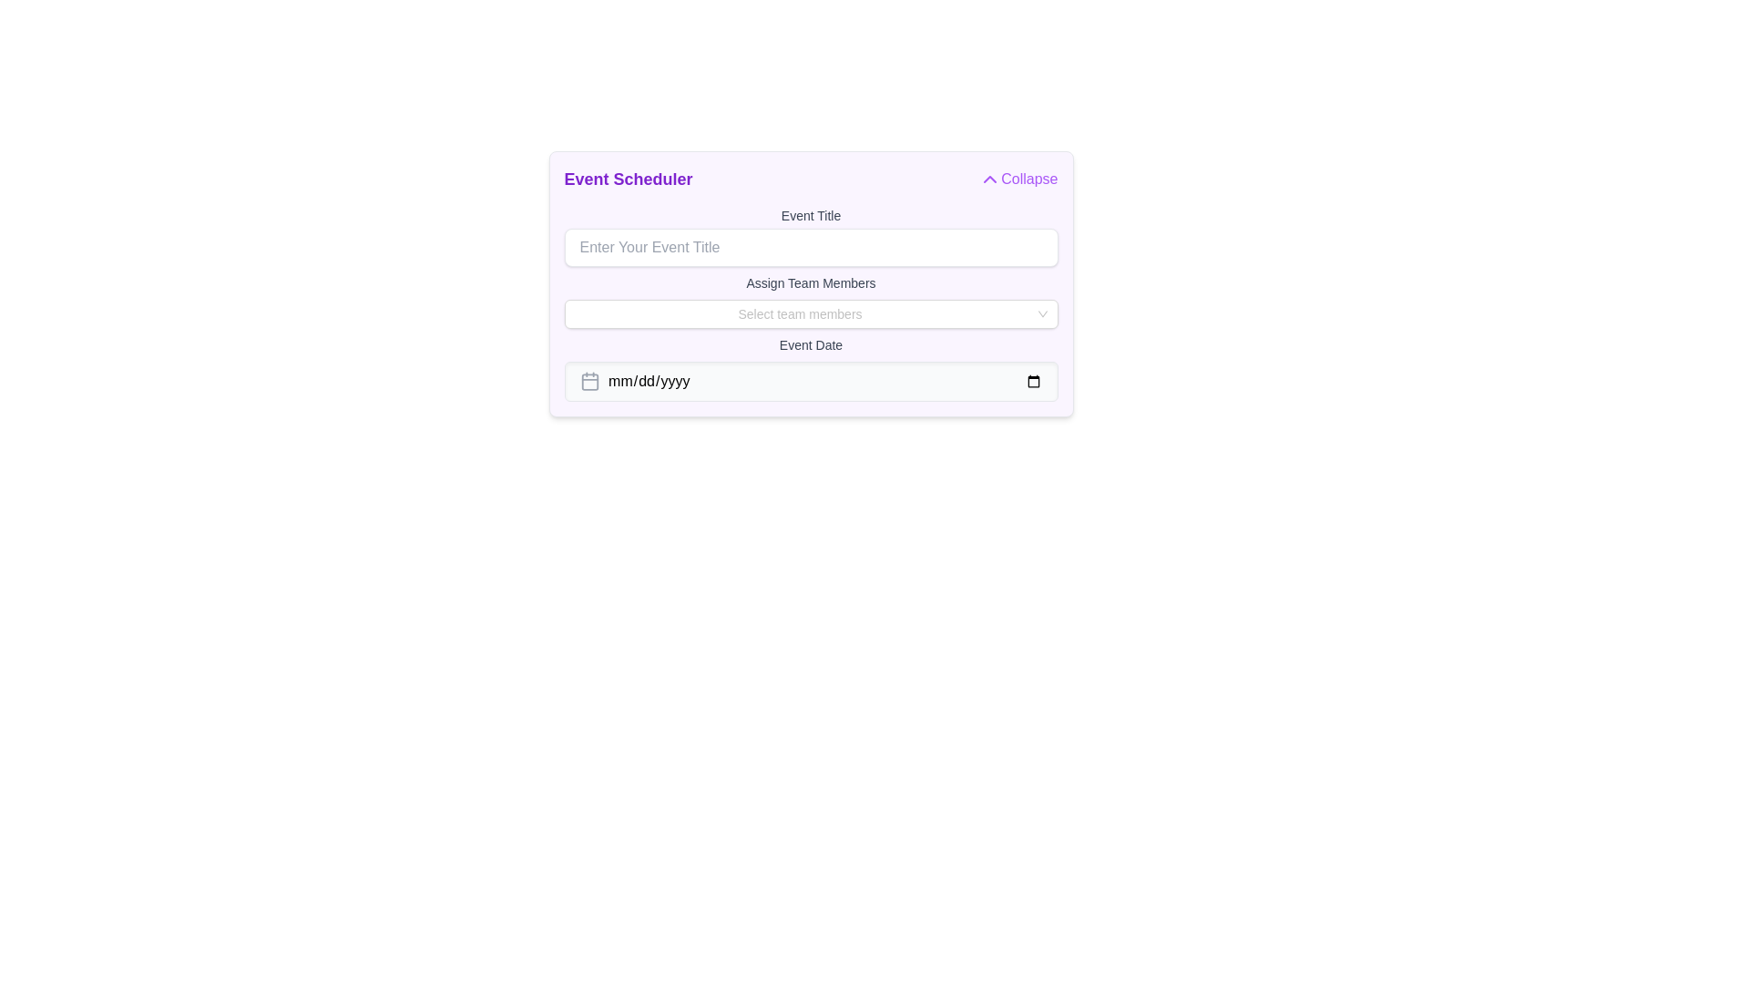  I want to click on the dropdown selection under the 'Event Title' input field, so click(810, 301).